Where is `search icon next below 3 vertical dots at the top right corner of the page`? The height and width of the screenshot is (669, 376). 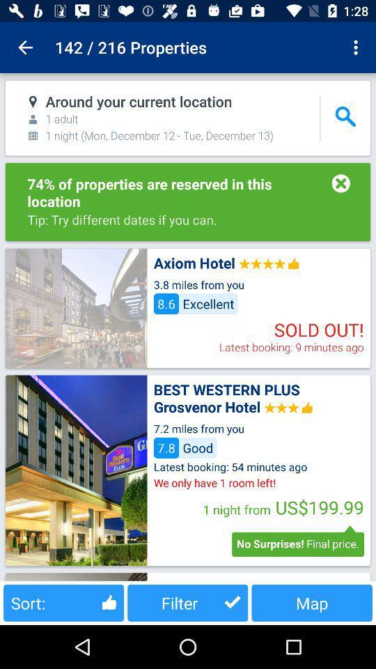 search icon next below 3 vertical dots at the top right corner of the page is located at coordinates (344, 116).